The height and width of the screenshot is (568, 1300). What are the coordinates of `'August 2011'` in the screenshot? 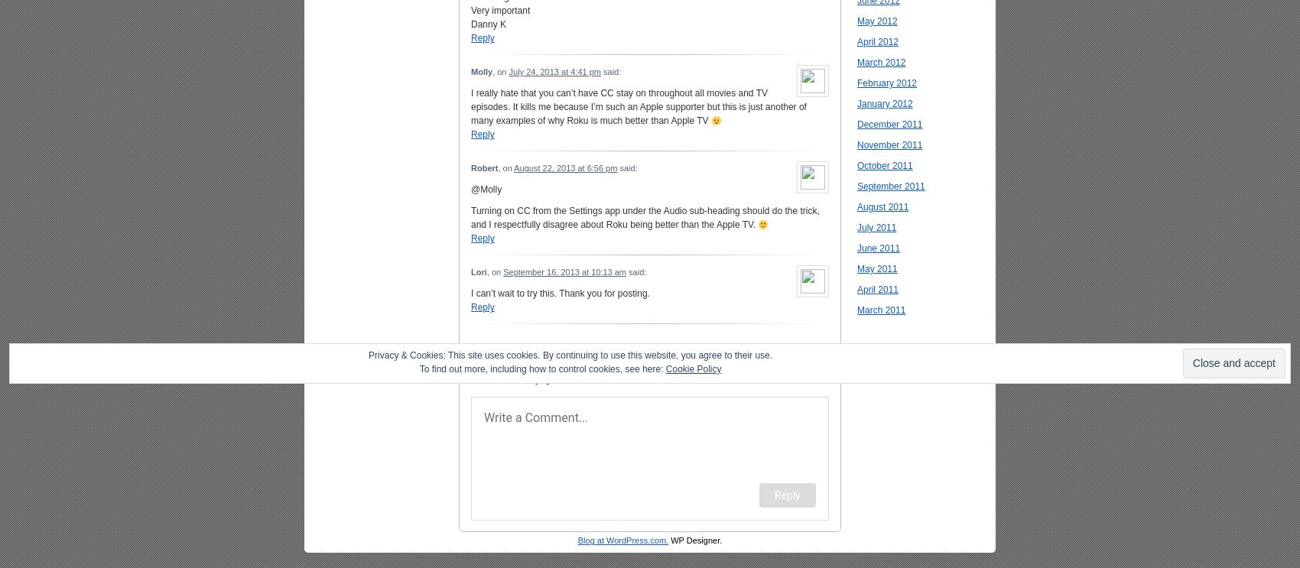 It's located at (882, 206).